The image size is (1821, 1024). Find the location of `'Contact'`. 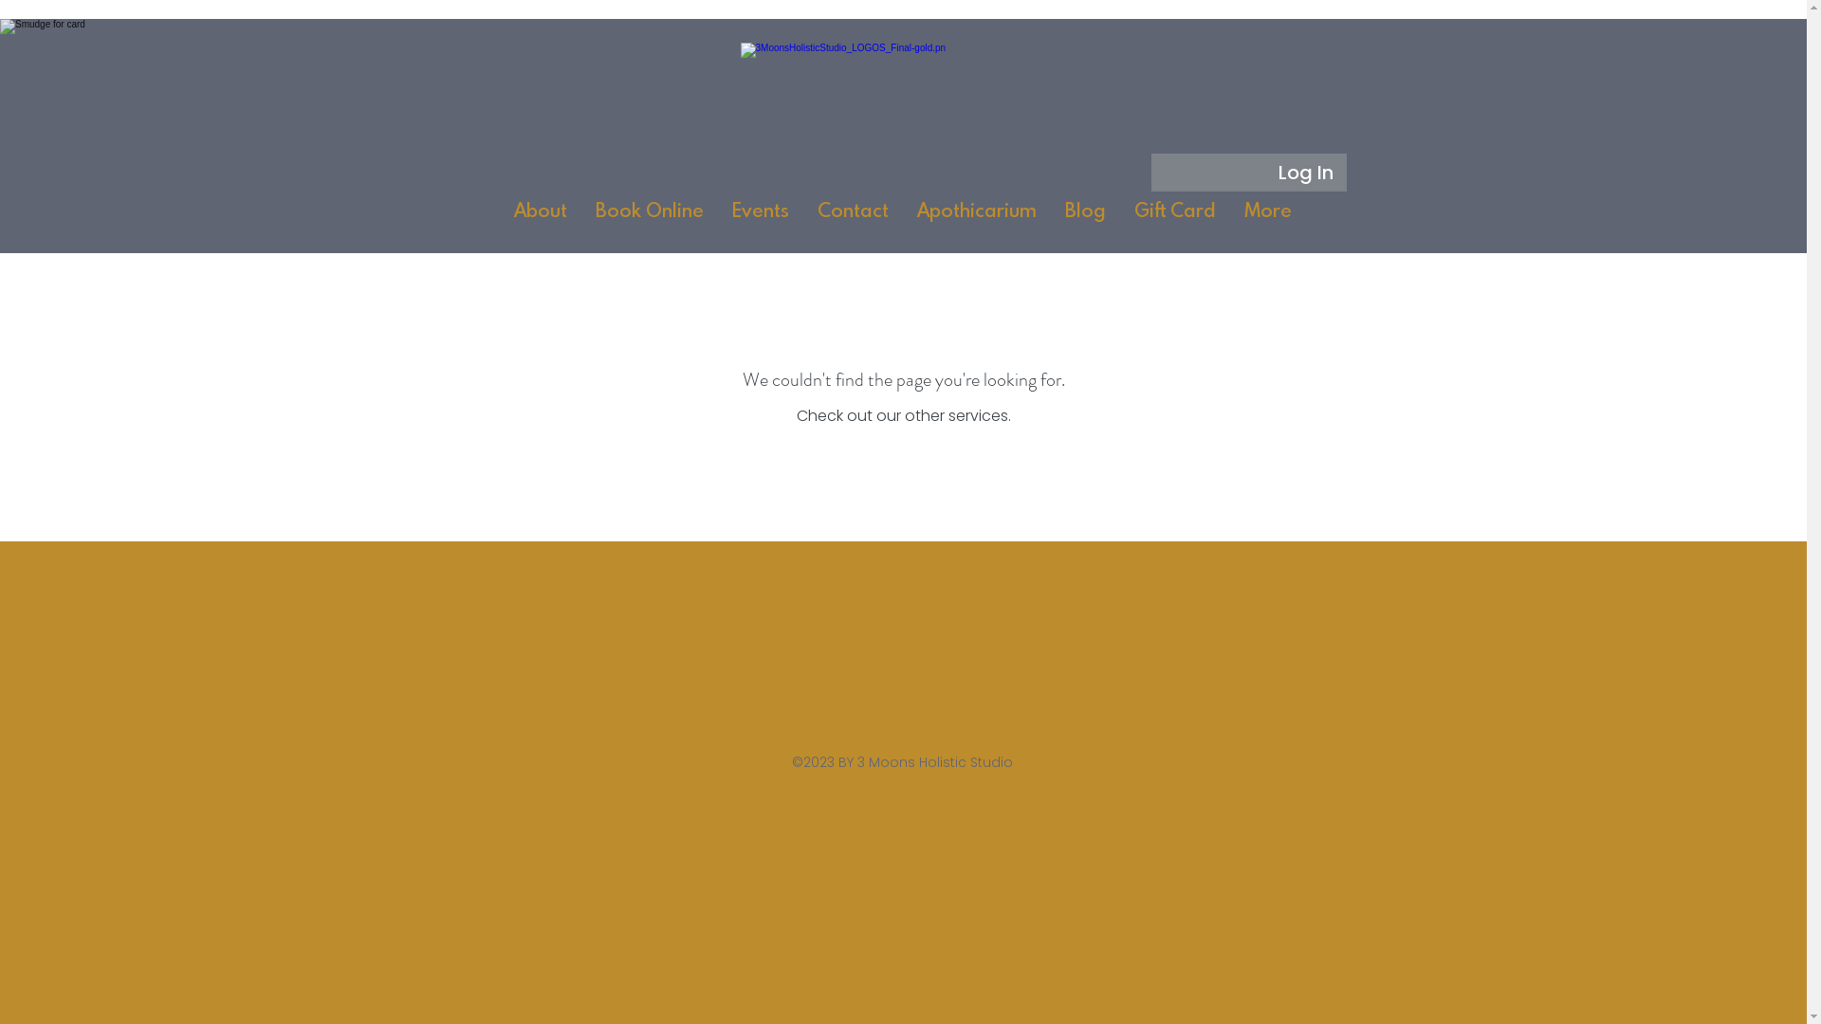

'Contact' is located at coordinates (802, 217).